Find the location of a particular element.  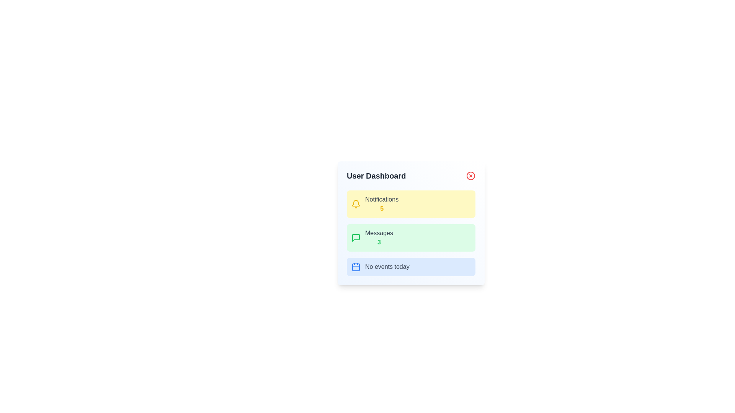

the Text label that informs the user about the absence of events scheduled for today, located in the 'No events today' section, next to a calendar icon is located at coordinates (387, 267).